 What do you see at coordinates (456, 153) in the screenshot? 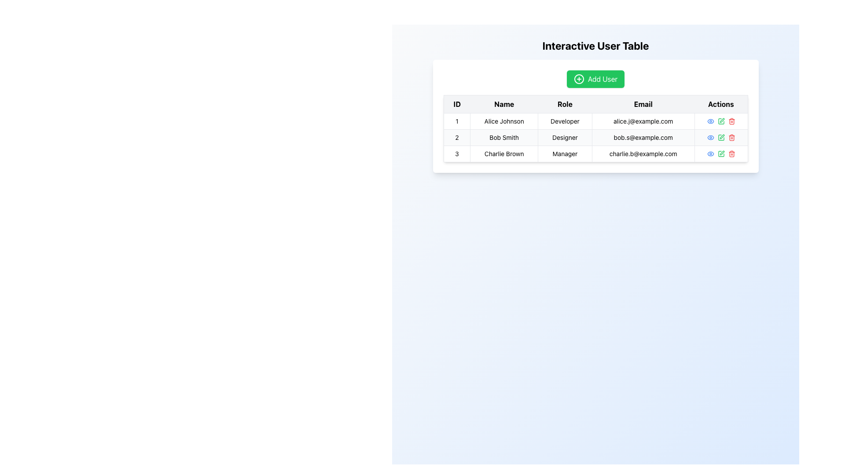
I see `the numeral '3' displayed in bold font, located in the first column of the last row of the table under the 'ID' column` at bounding box center [456, 153].